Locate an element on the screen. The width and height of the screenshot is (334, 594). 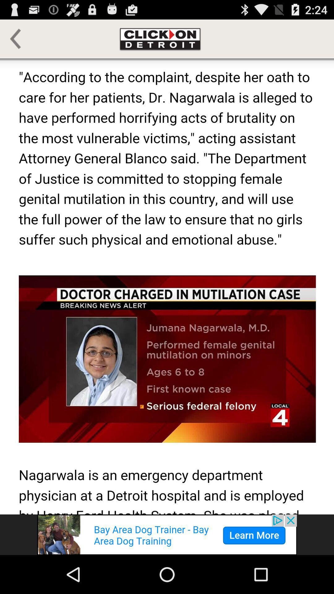
advertisement is located at coordinates (167, 534).